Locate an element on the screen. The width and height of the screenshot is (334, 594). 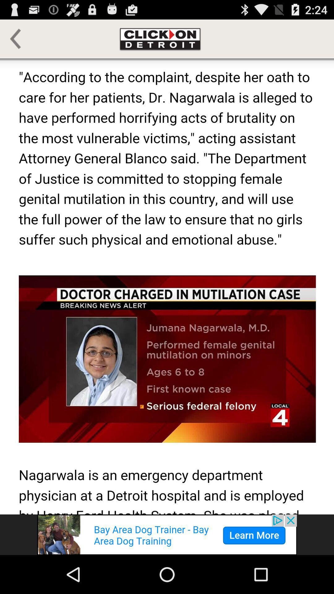
advertisement is located at coordinates (167, 534).